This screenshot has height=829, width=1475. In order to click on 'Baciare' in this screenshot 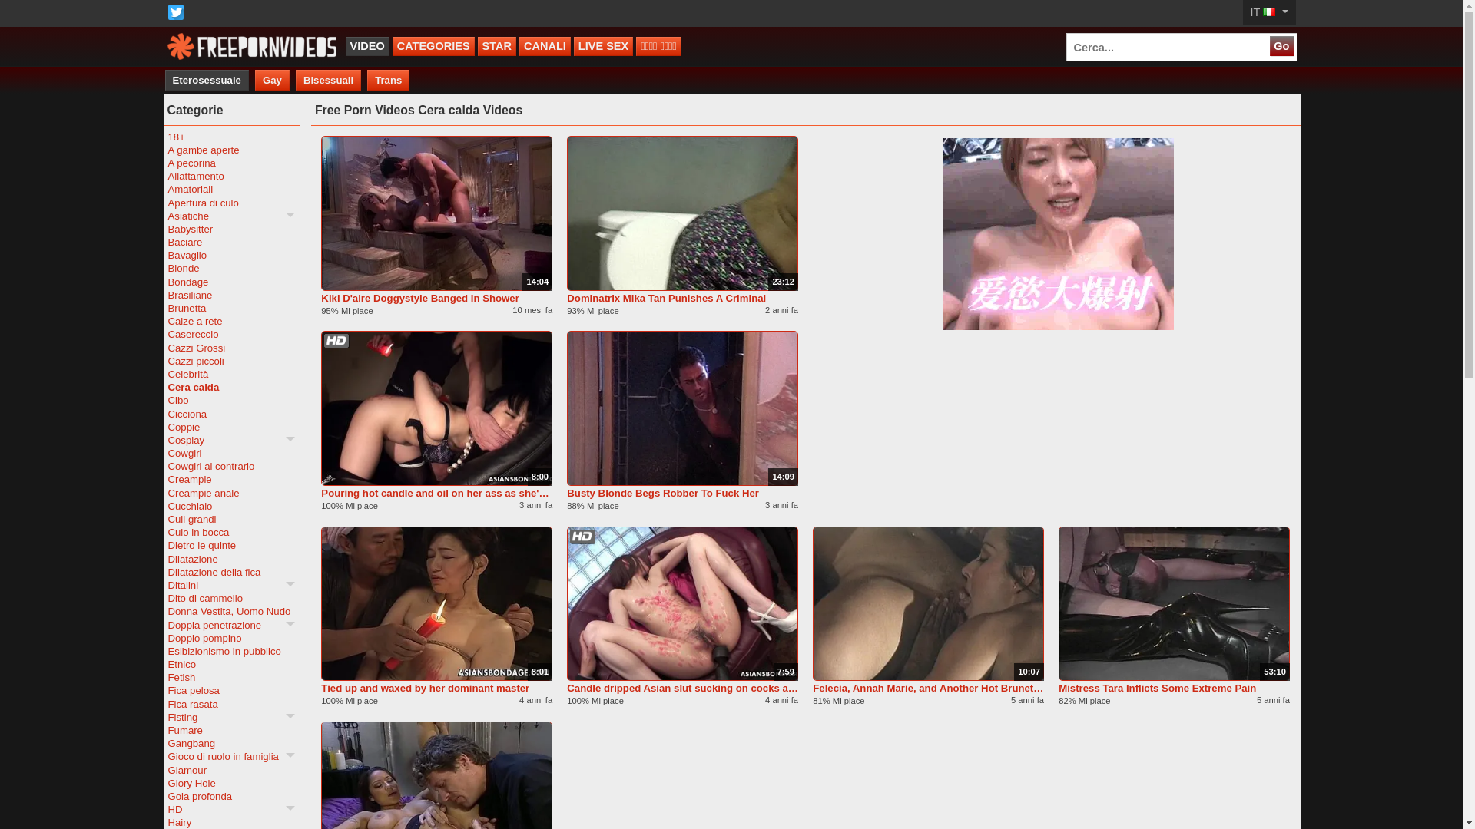, I will do `click(230, 242)`.